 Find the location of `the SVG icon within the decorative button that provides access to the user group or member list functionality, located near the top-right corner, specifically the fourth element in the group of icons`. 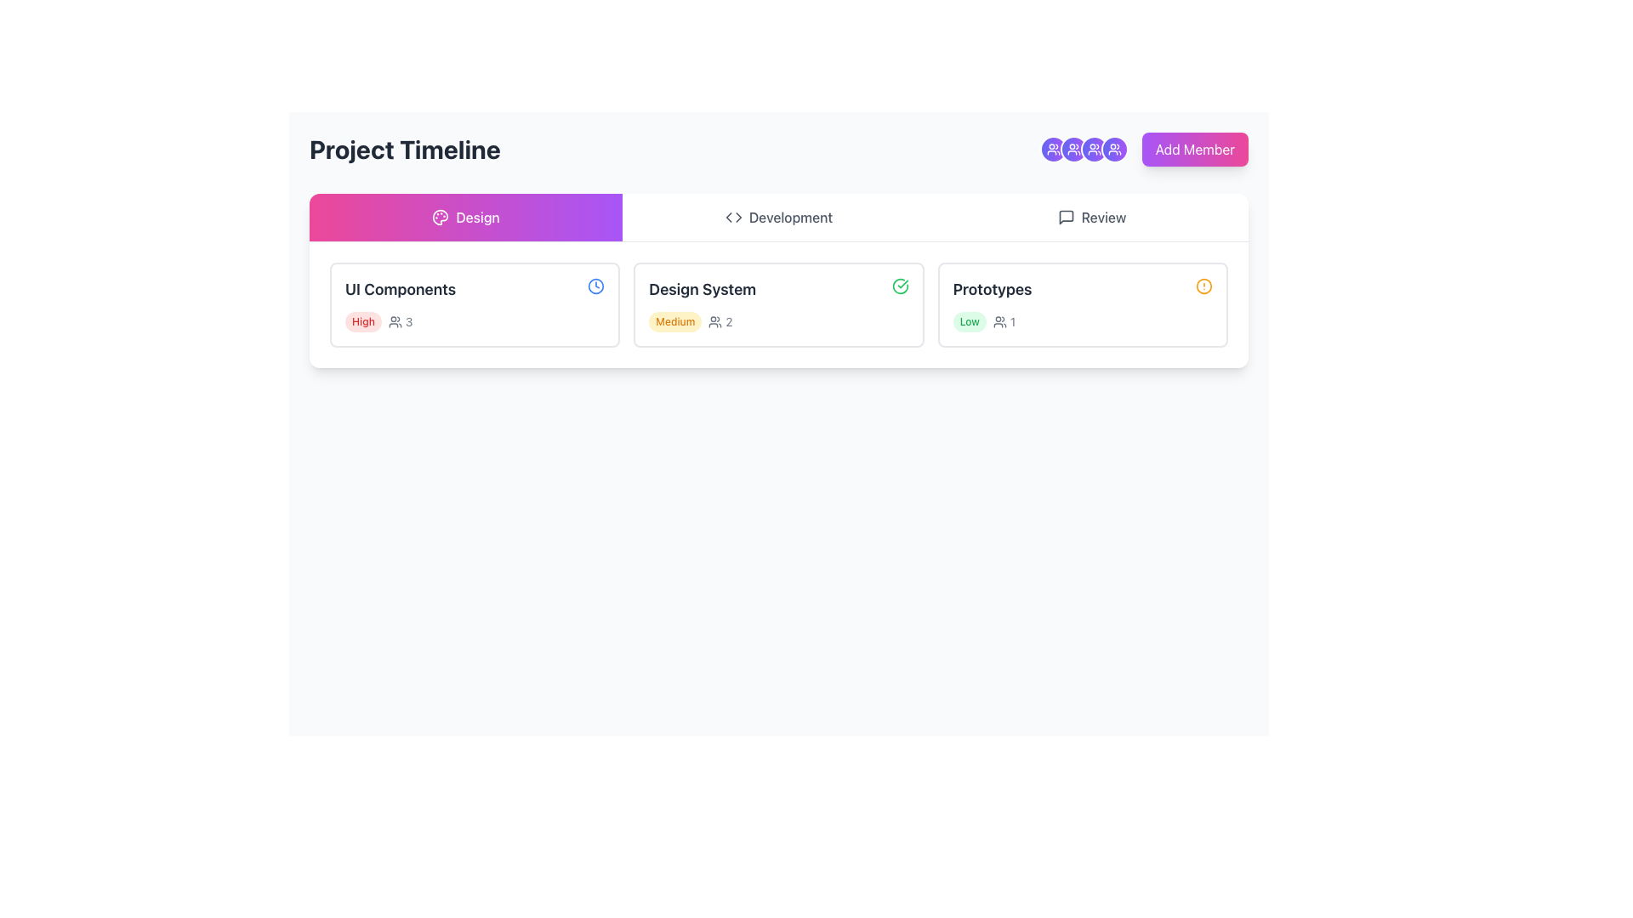

the SVG icon within the decorative button that provides access to the user group or member list functionality, located near the top-right corner, specifically the fourth element in the group of icons is located at coordinates (1073, 149).